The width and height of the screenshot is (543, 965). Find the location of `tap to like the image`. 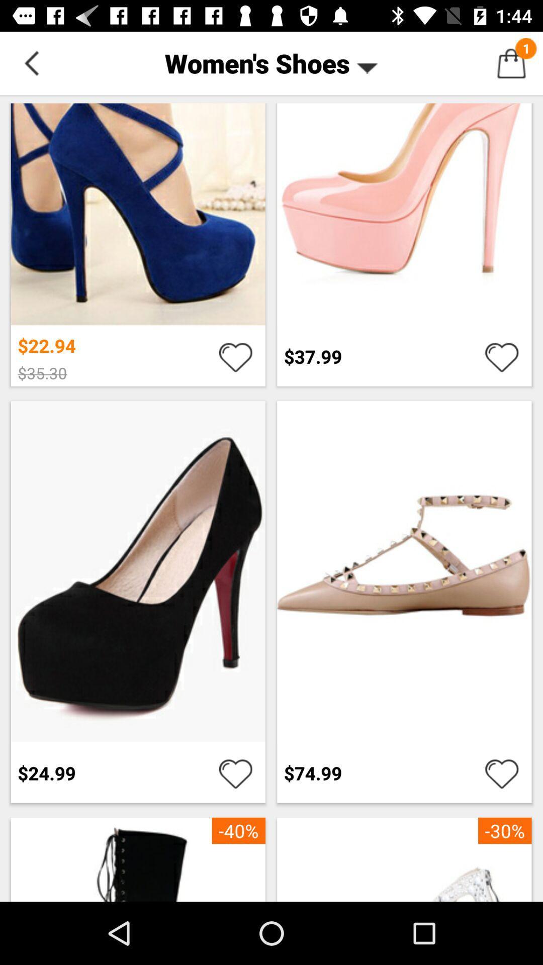

tap to like the image is located at coordinates (502, 773).